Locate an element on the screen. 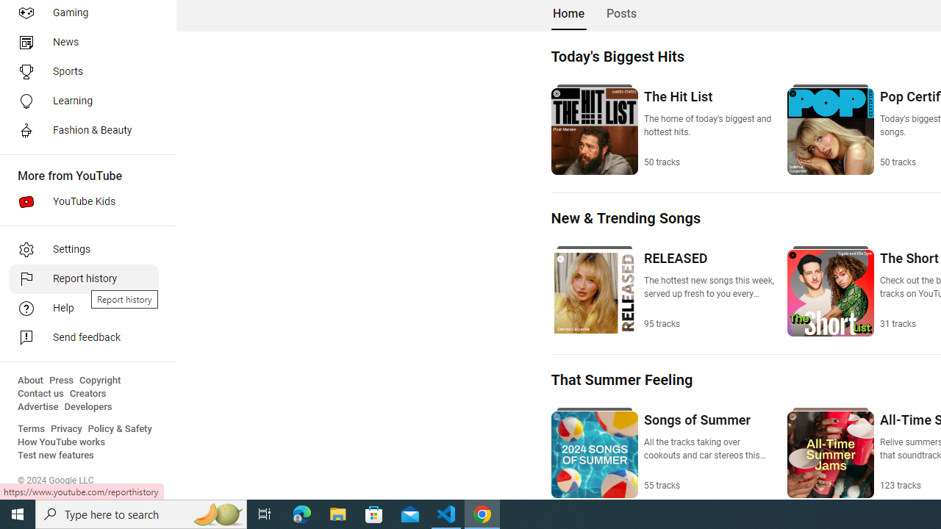  'News' is located at coordinates (82, 41).